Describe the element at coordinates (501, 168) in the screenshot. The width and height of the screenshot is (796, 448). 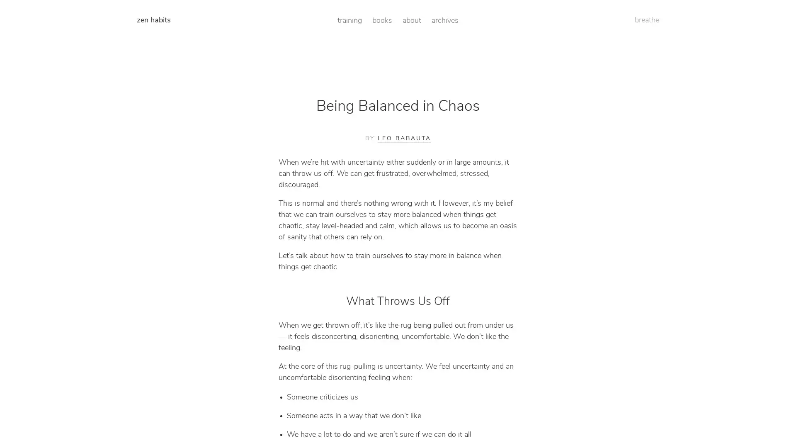
I see `Get Access` at that location.